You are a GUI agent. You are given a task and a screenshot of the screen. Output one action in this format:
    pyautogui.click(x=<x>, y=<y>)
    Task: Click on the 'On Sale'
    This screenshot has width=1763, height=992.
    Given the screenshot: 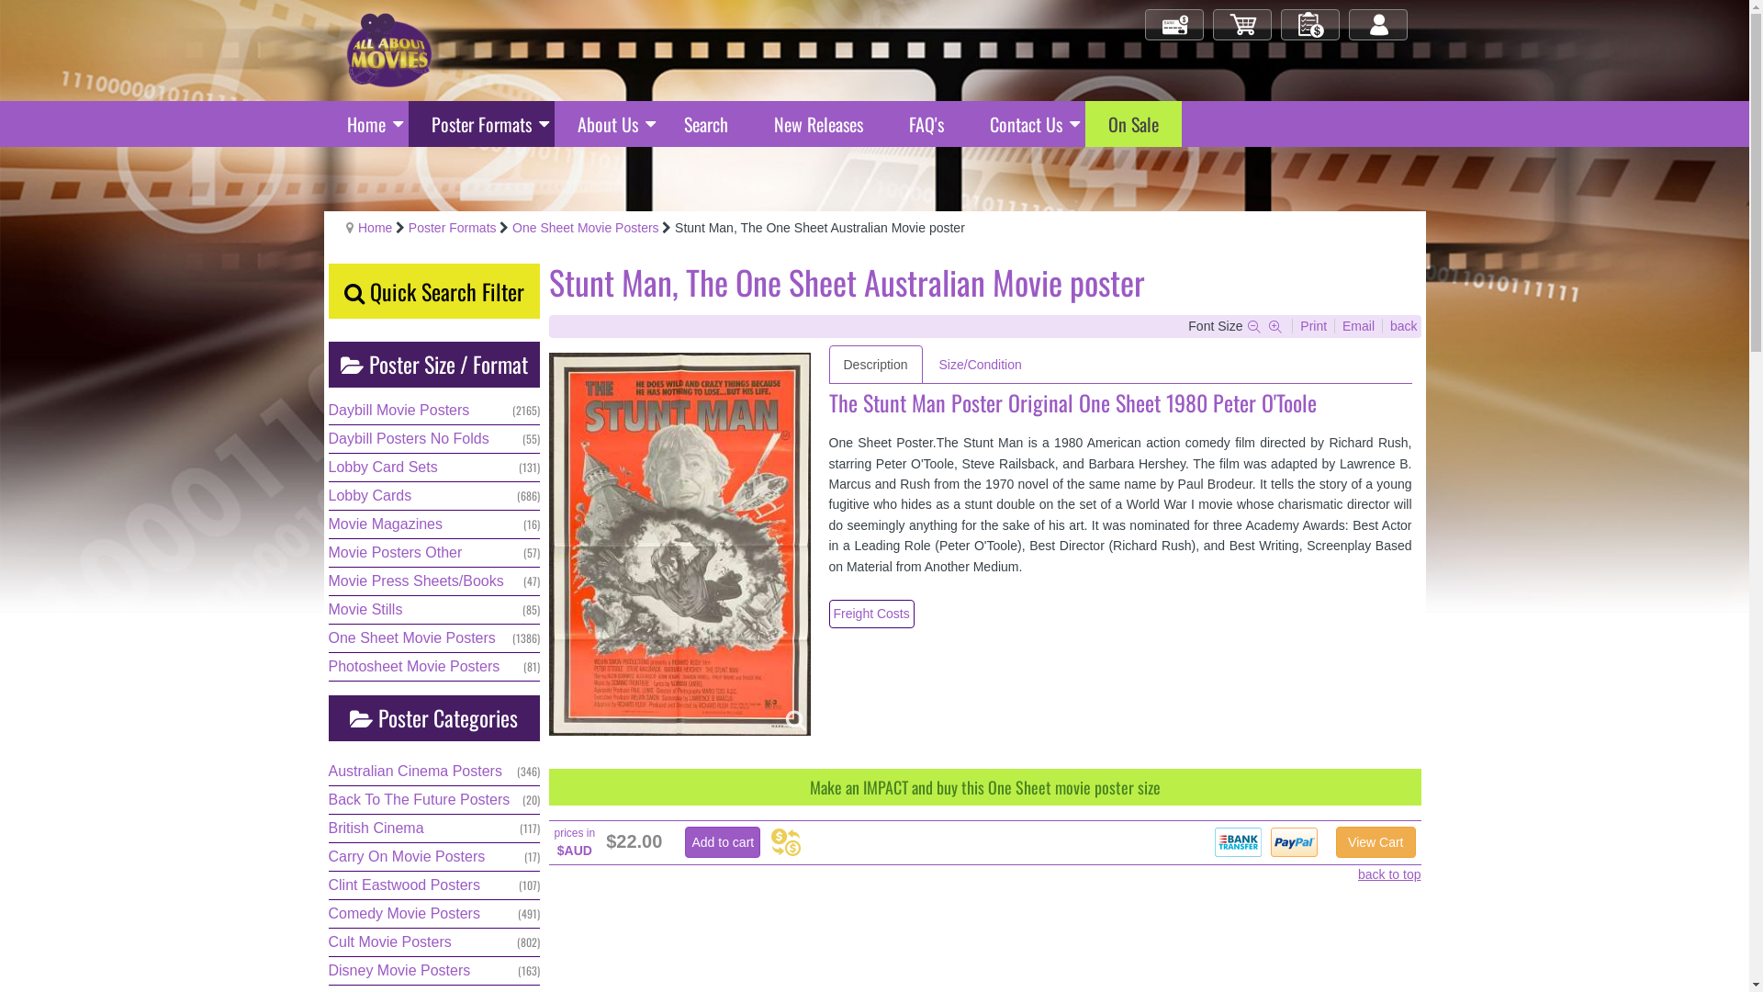 What is the action you would take?
    pyautogui.click(x=1132, y=124)
    